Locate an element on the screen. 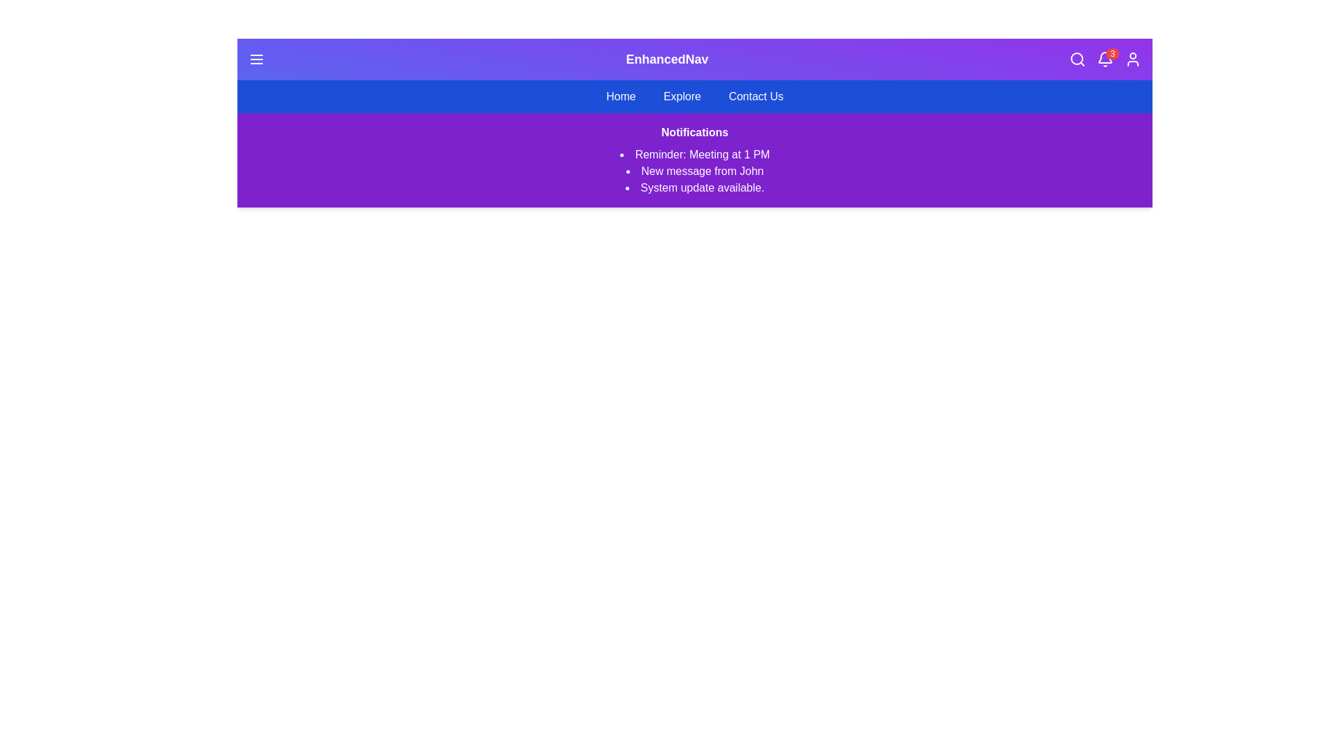 The image size is (1329, 747). the search icon located in the top-right corner of the navigation bar, which is the first icon in a row and positioned to the left of the bell icon is located at coordinates (1076, 58).